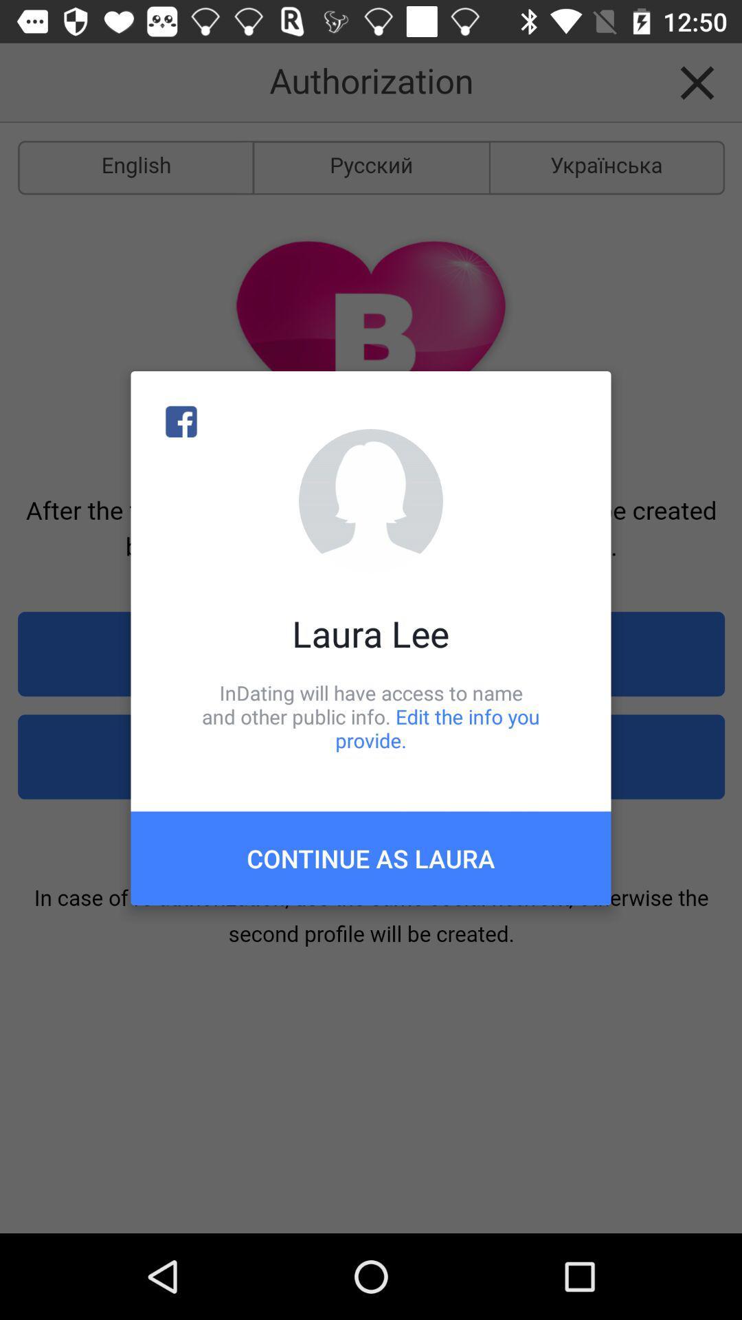  Describe the element at coordinates (371, 716) in the screenshot. I see `the icon above the continue as laura` at that location.